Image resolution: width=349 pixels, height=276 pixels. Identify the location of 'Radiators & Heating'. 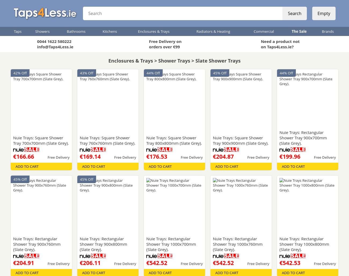
(213, 31).